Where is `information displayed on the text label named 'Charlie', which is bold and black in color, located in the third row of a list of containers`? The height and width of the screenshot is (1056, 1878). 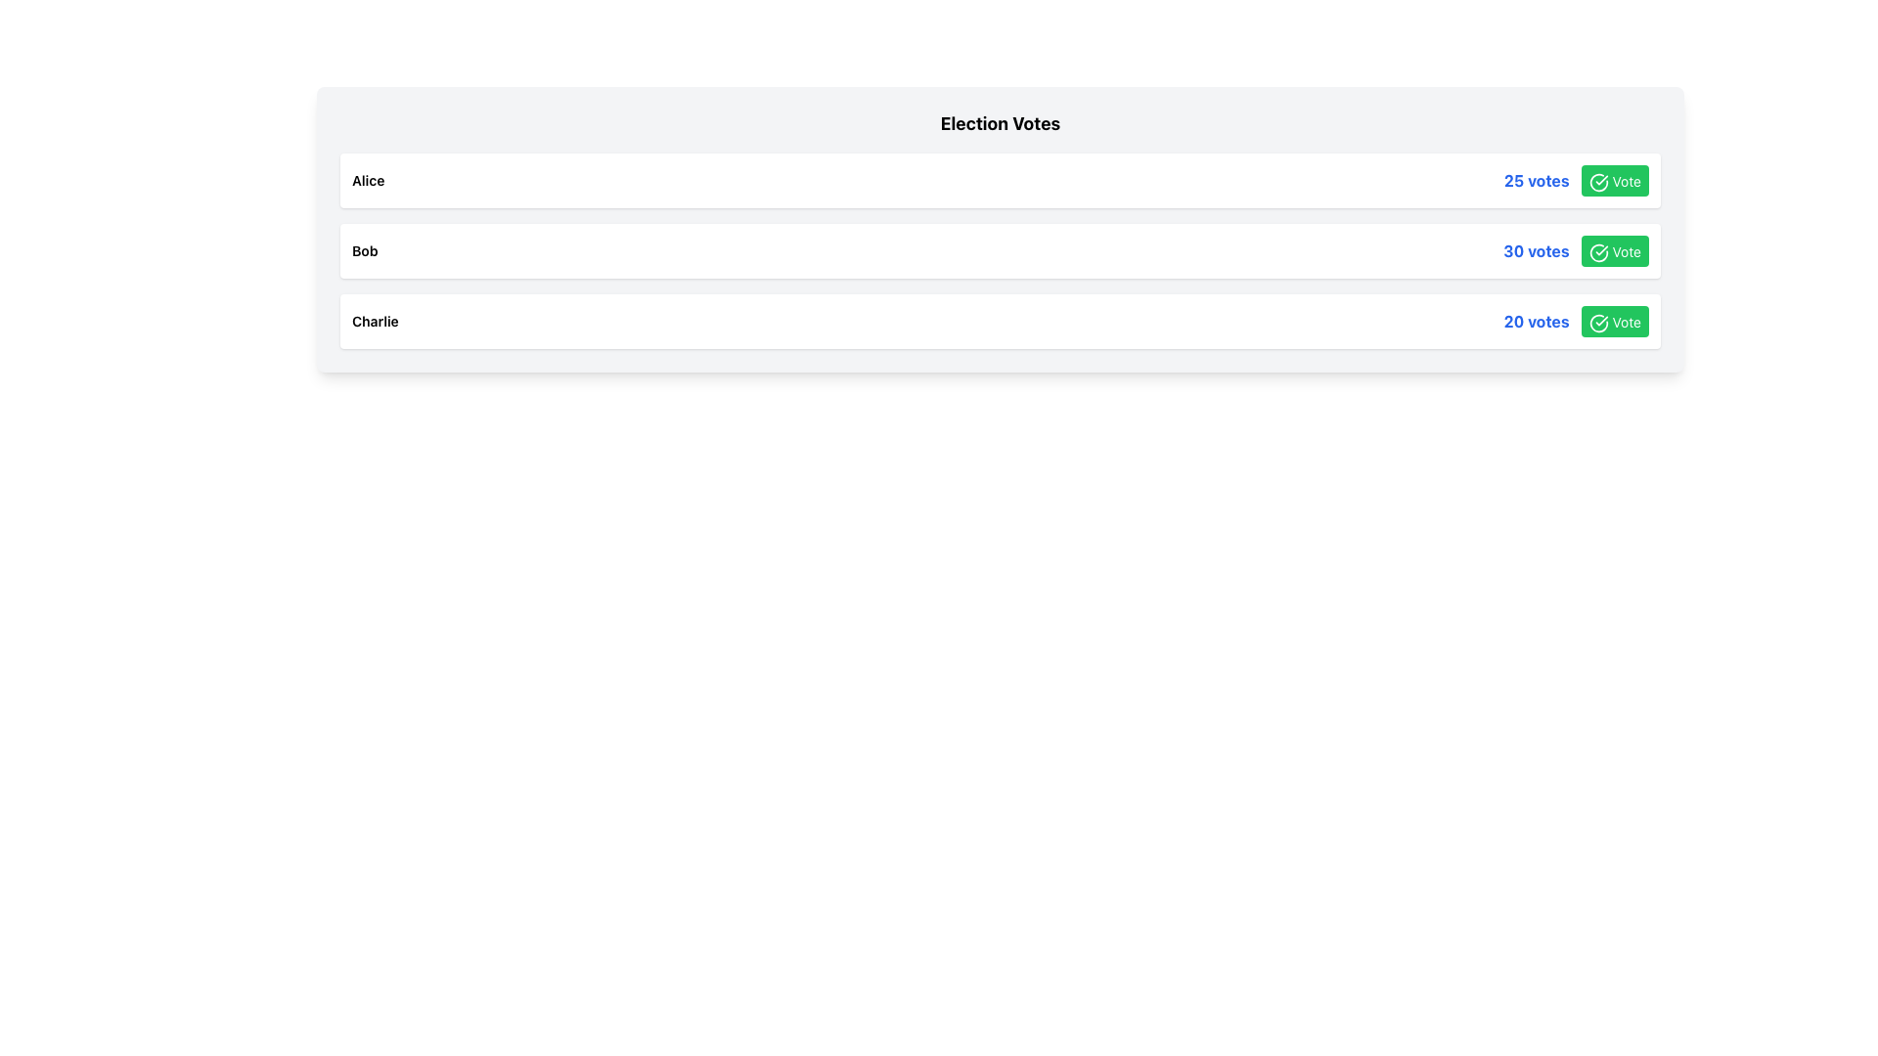 information displayed on the text label named 'Charlie', which is bold and black in color, located in the third row of a list of containers is located at coordinates (376, 320).